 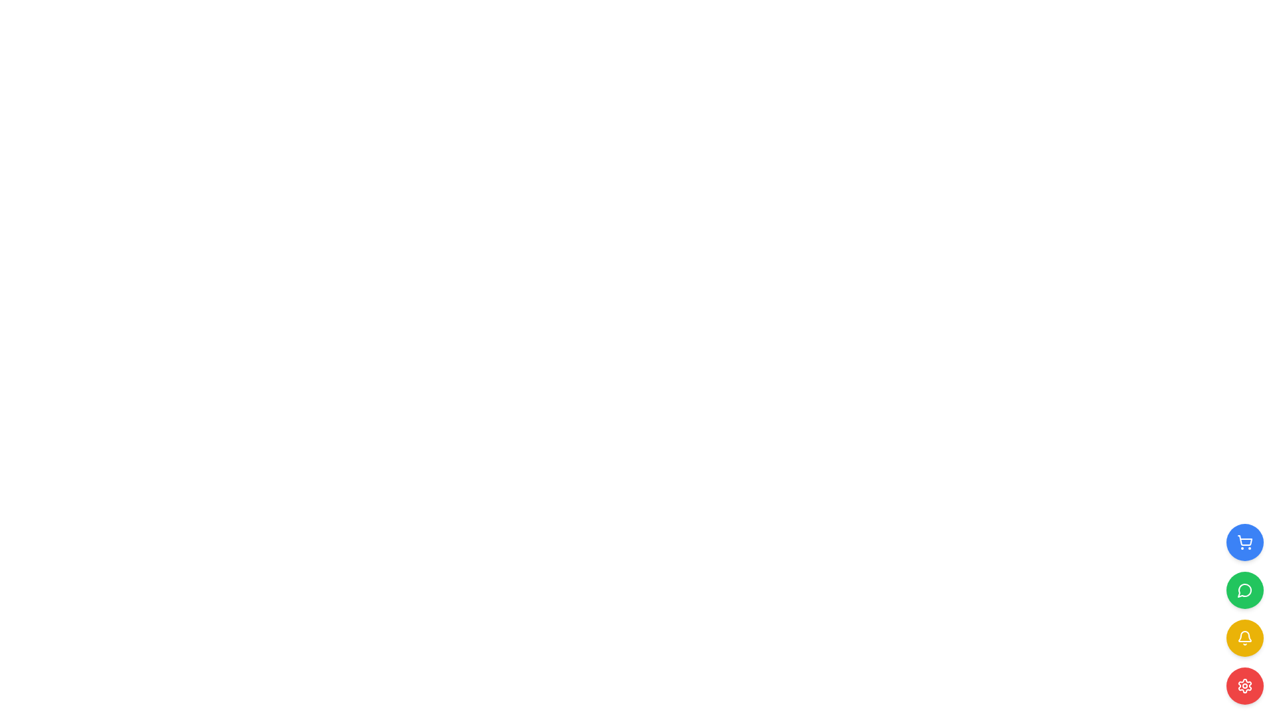 I want to click on the circular yellow button with a white bell icon, so click(x=1244, y=638).